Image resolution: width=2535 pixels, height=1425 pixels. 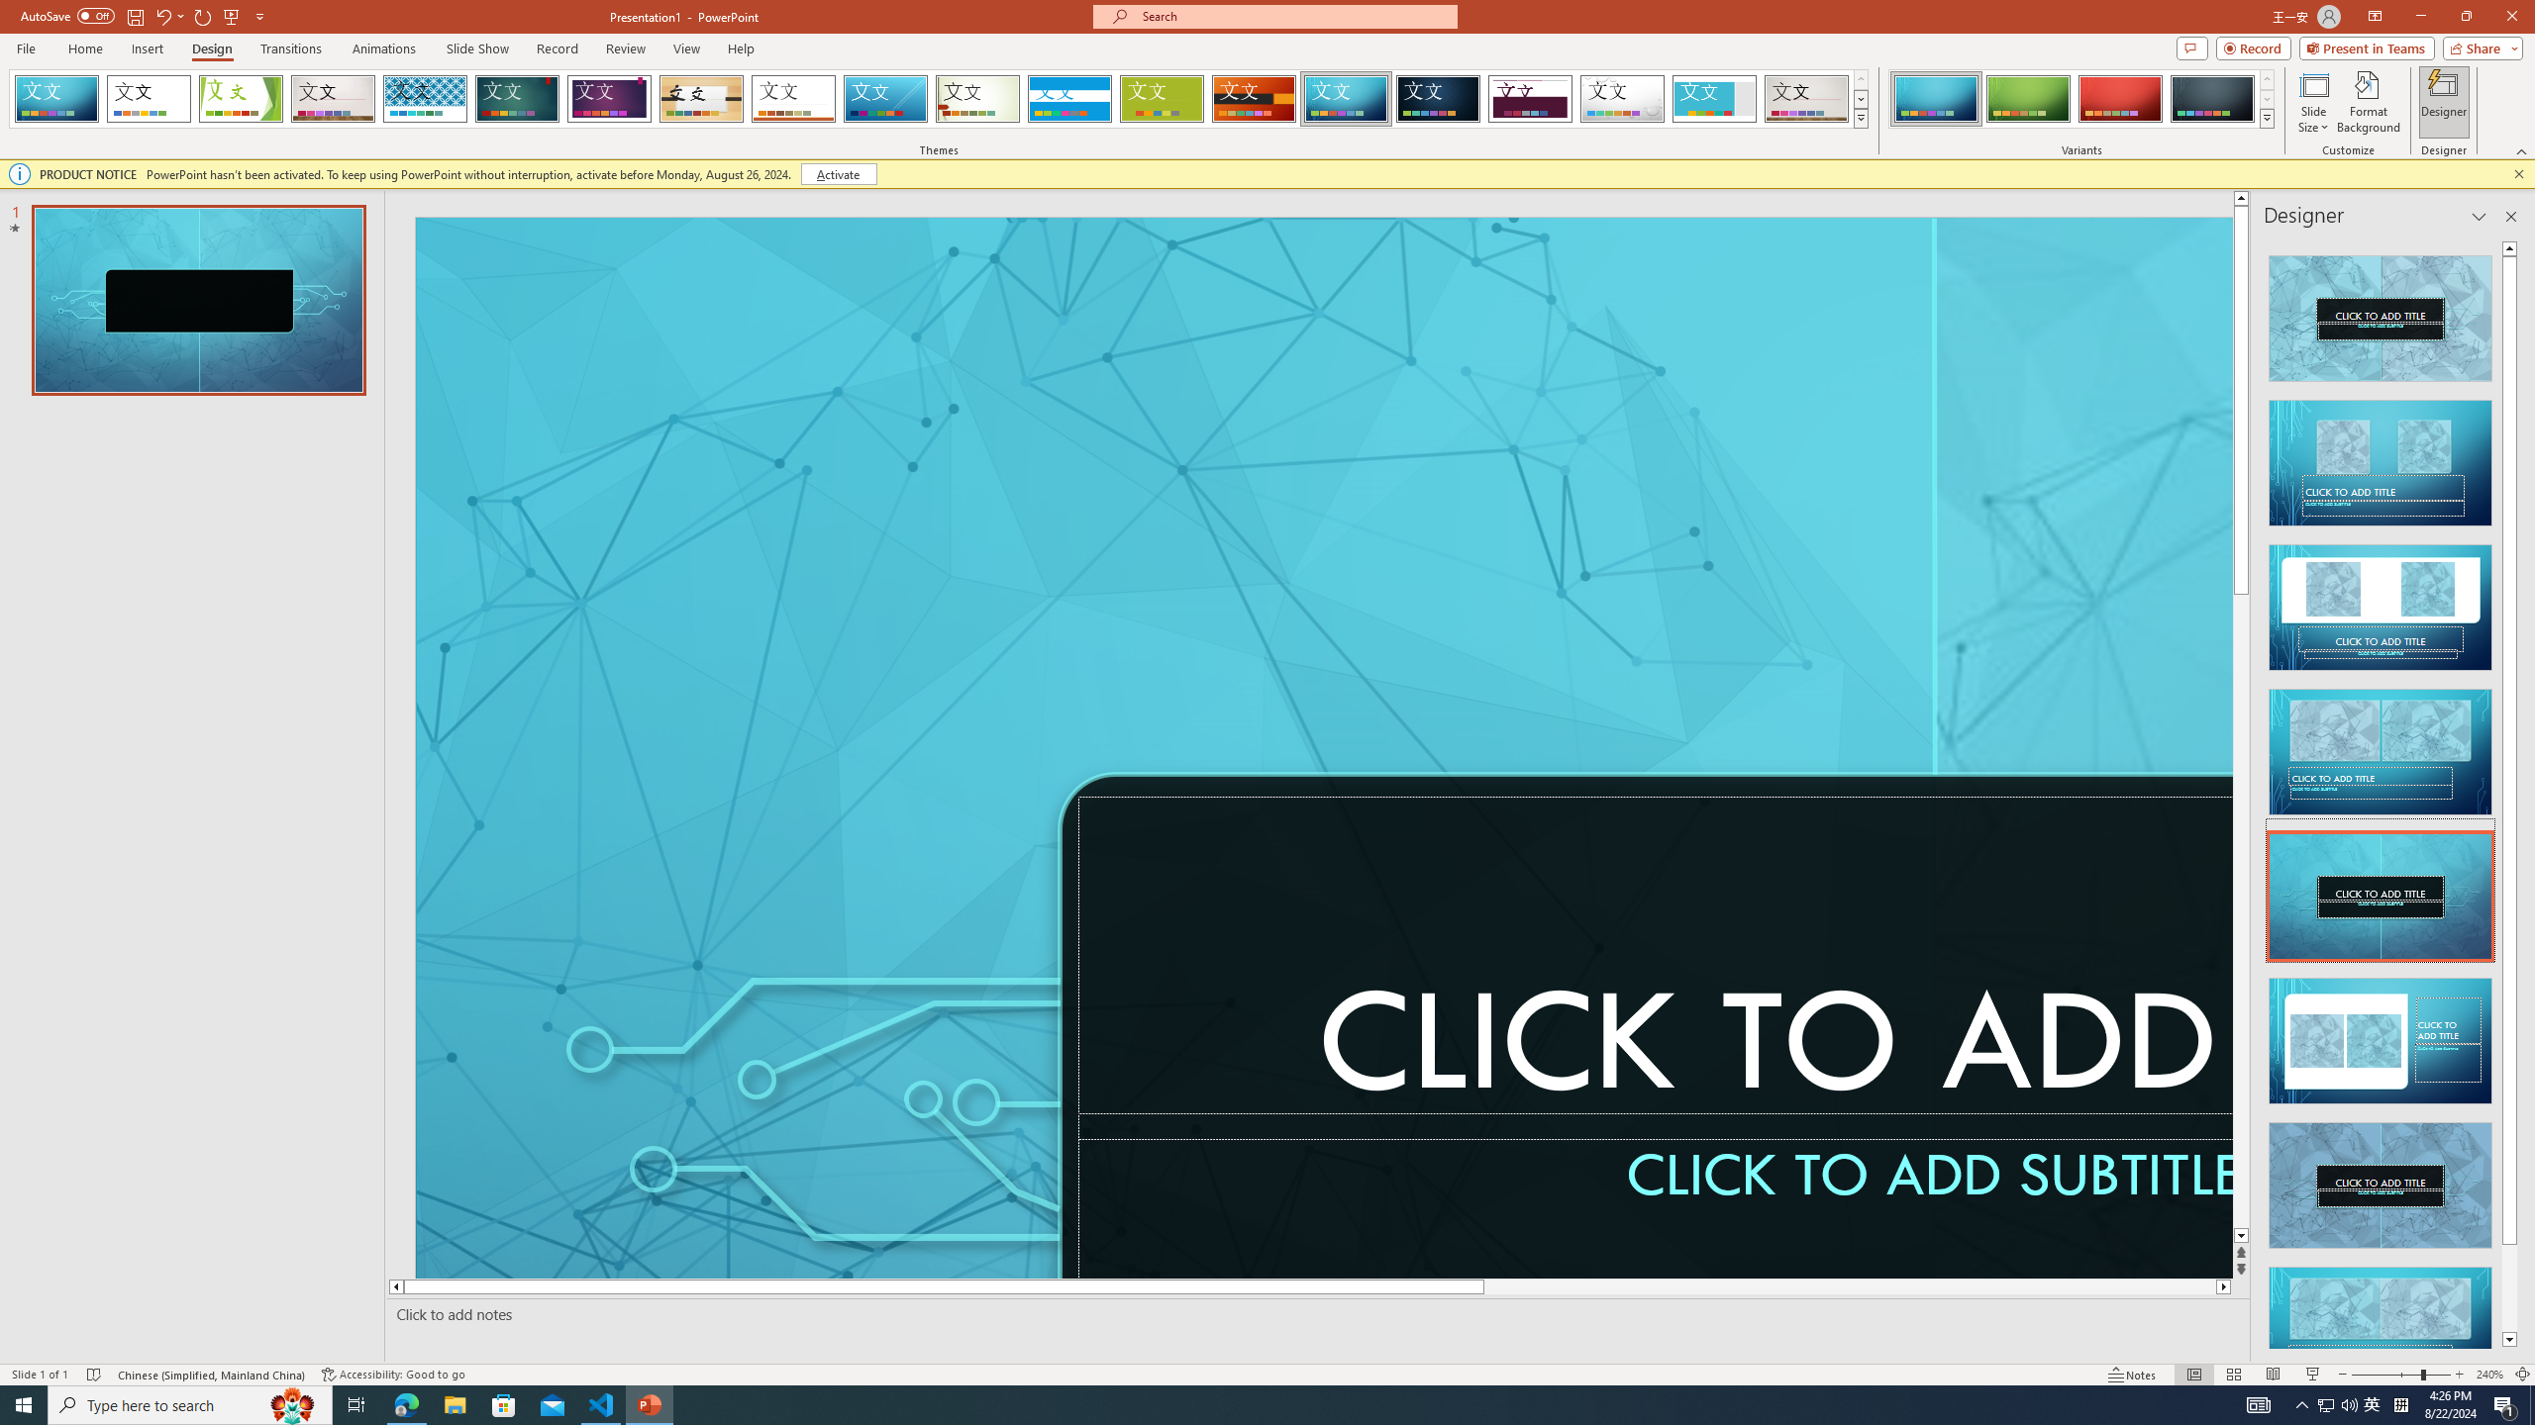 I want to click on 'Format Background', so click(x=2369, y=102).